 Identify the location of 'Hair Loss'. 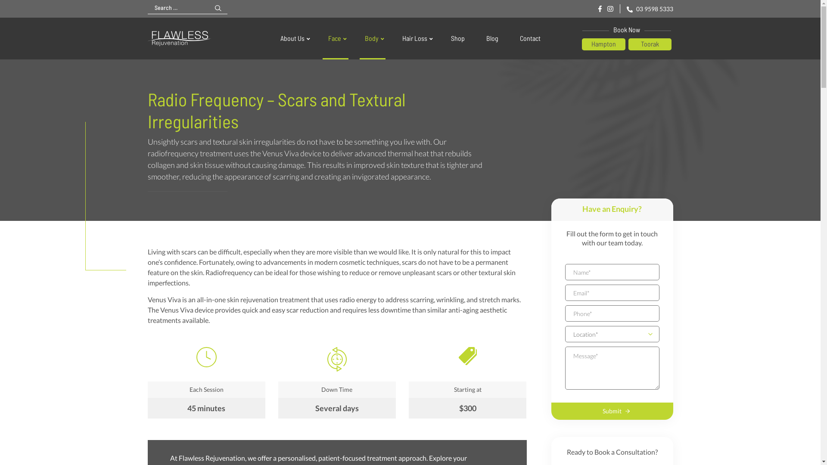
(416, 38).